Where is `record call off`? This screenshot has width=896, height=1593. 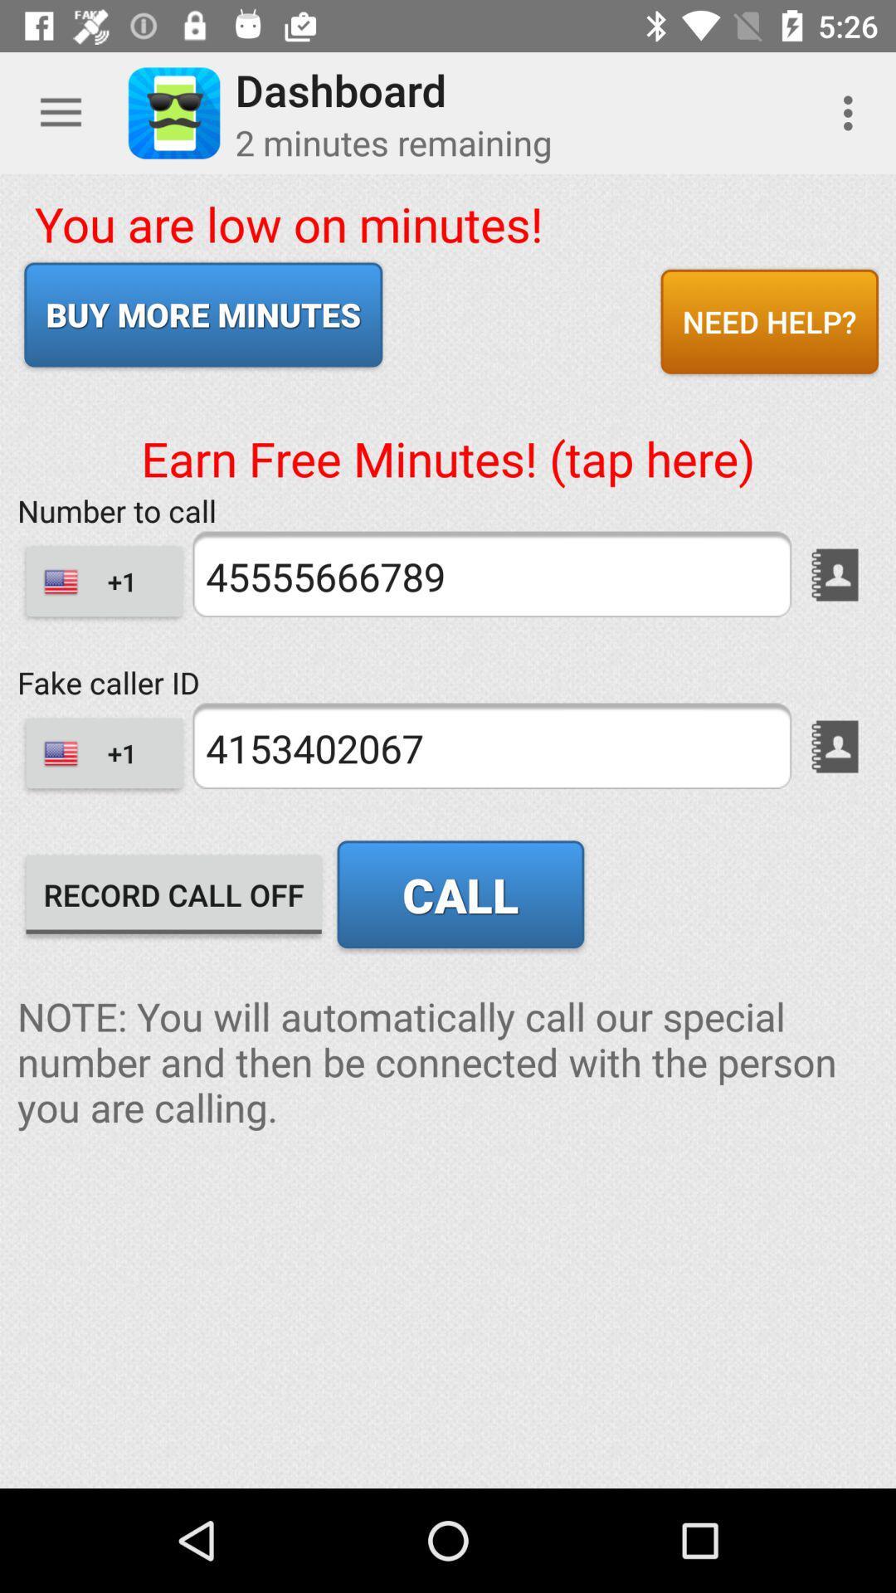 record call off is located at coordinates (173, 894).